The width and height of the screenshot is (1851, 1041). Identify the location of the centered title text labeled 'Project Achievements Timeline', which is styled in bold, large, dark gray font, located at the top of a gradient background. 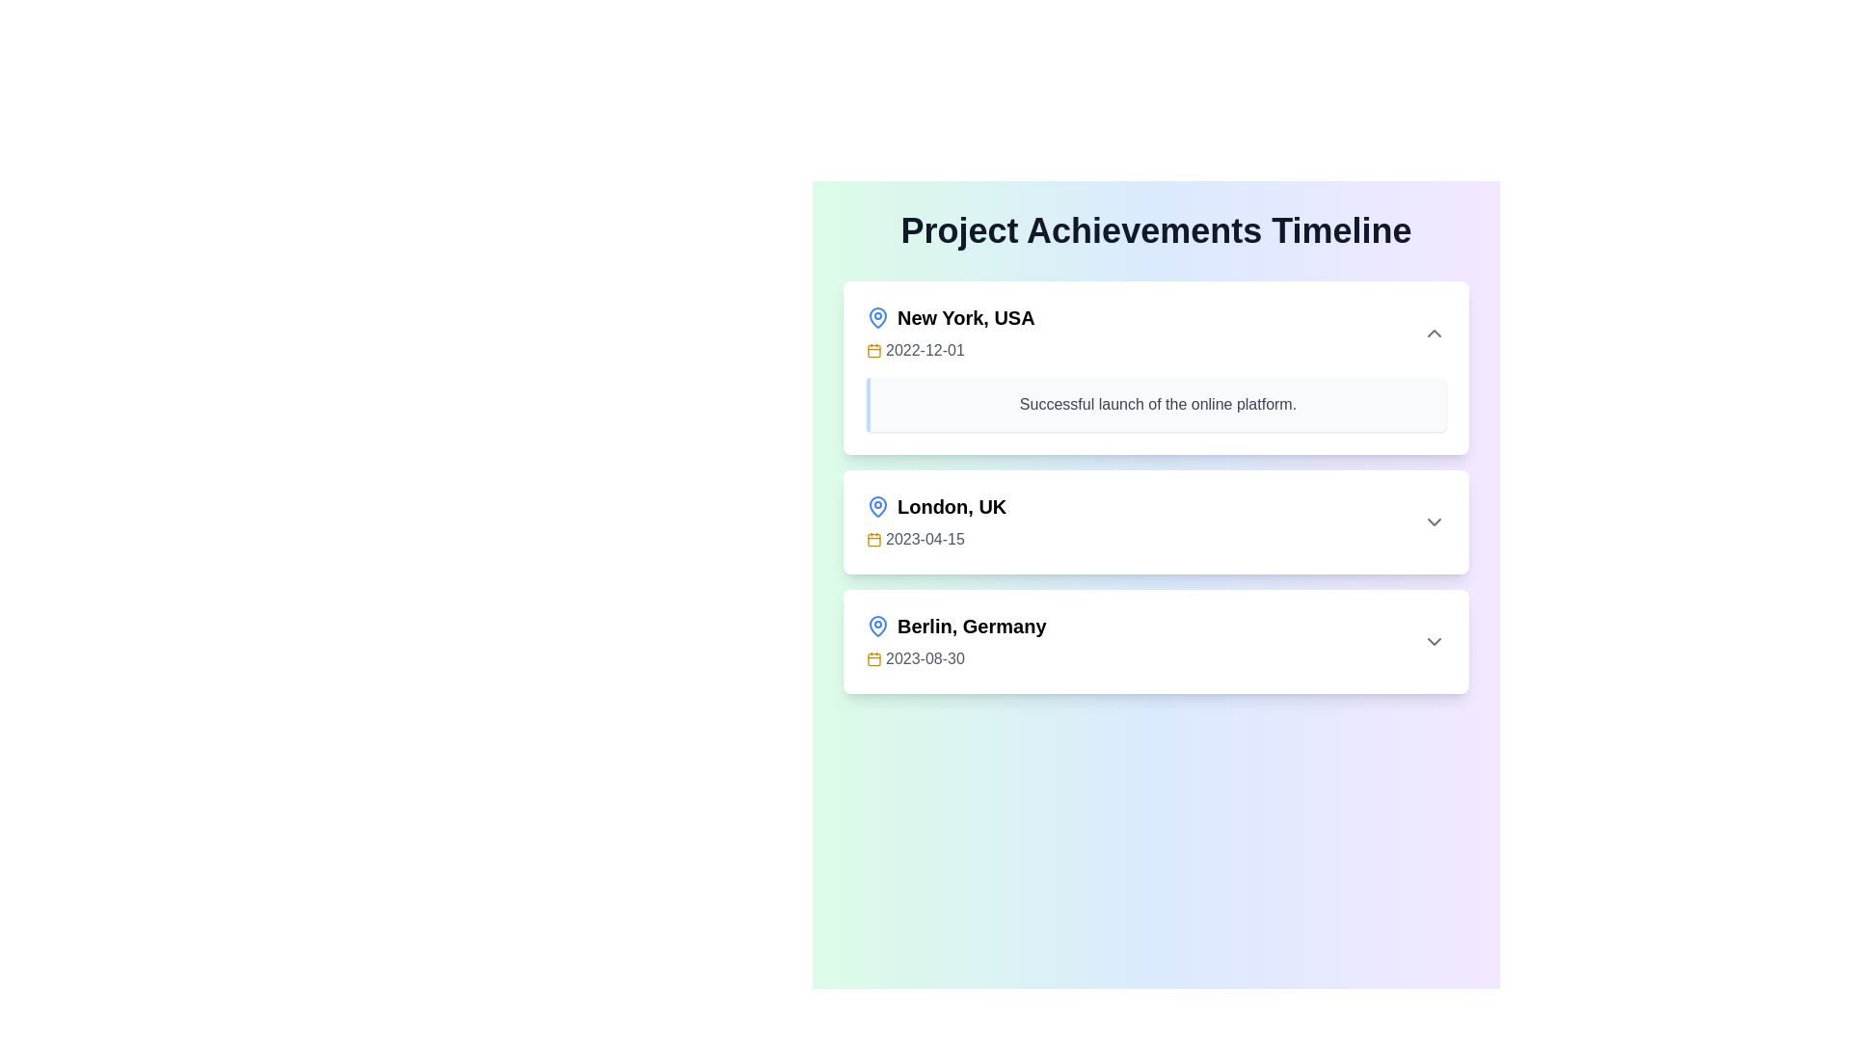
(1156, 229).